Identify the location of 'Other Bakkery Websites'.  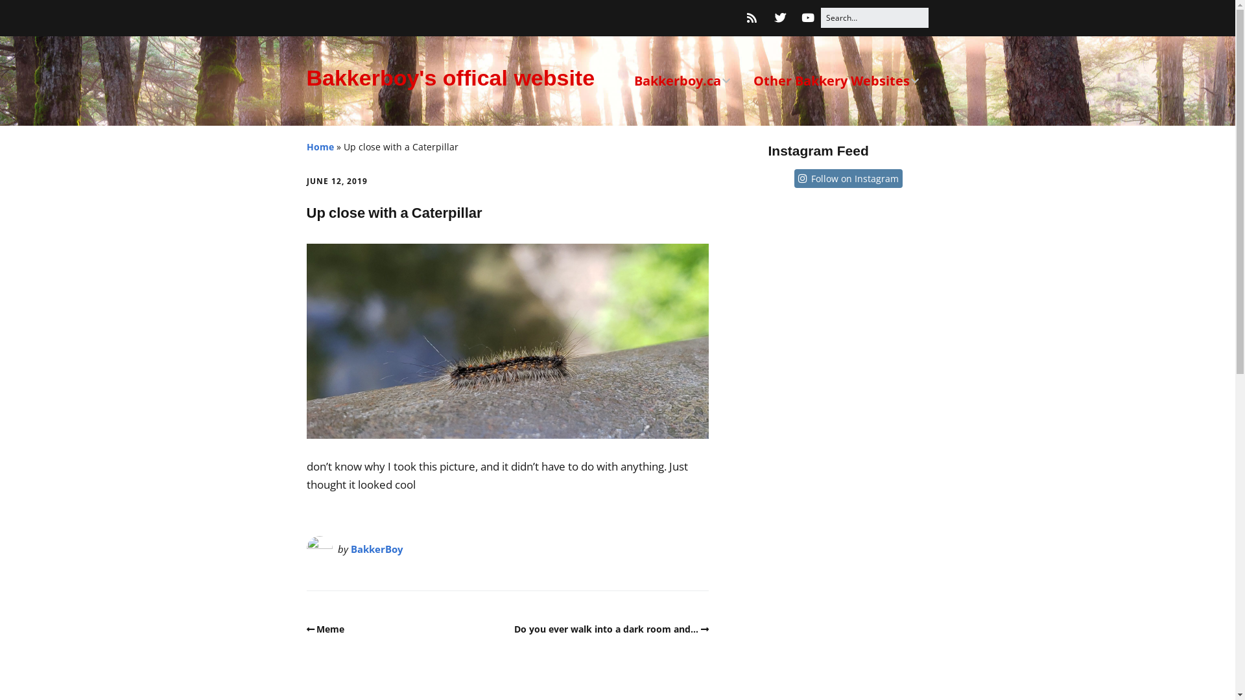
(836, 80).